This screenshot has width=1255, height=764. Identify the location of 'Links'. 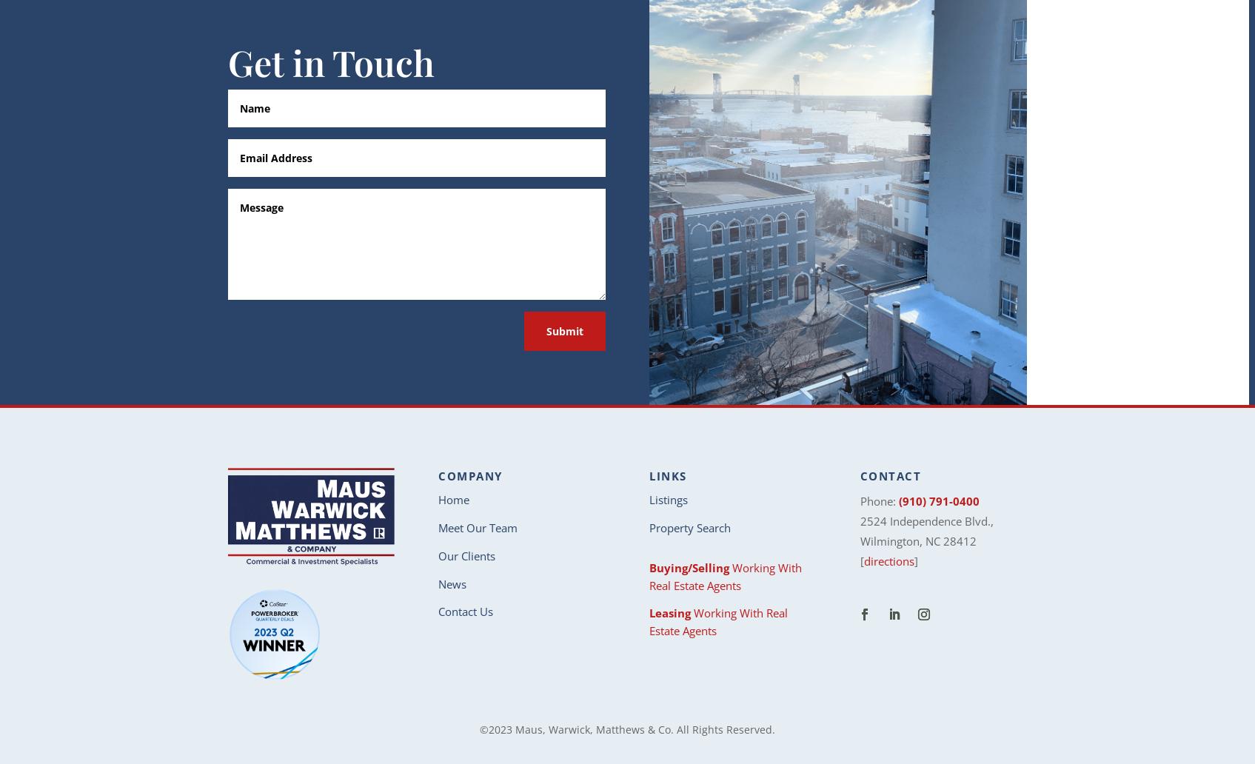
(667, 475).